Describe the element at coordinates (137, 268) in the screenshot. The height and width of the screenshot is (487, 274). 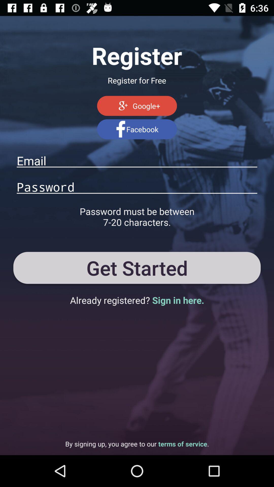
I see `the get started icon` at that location.